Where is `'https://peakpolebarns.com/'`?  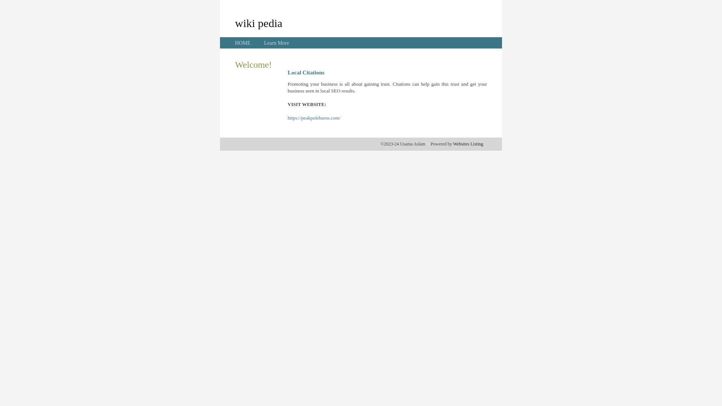 'https://peakpolebarns.com/' is located at coordinates (314, 118).